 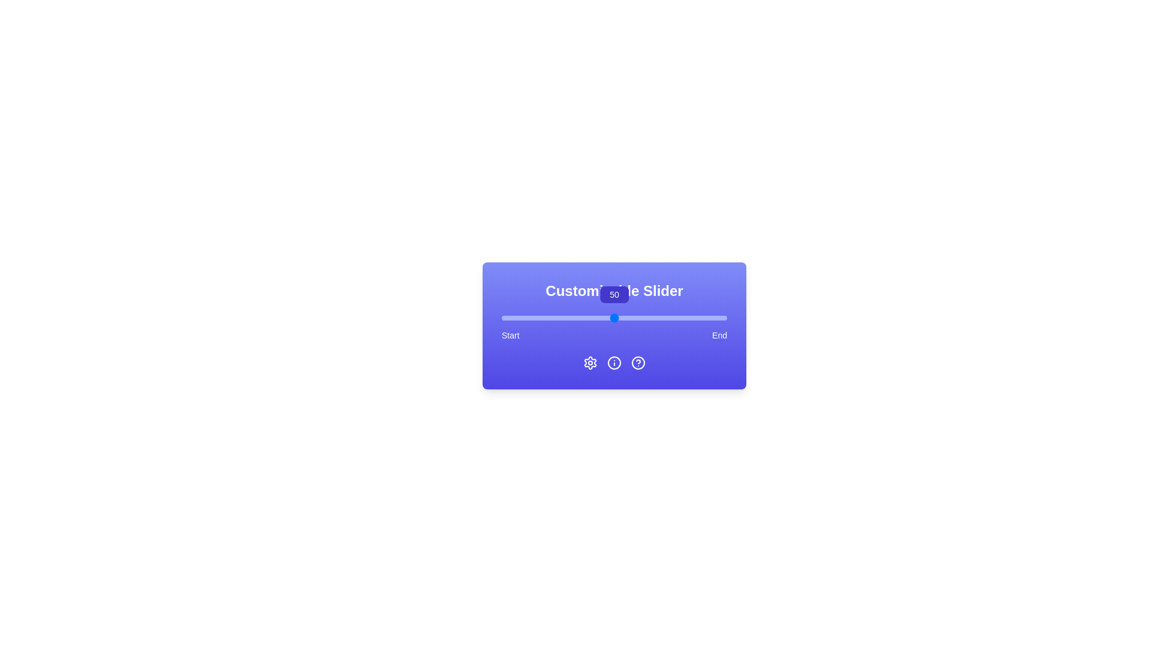 I want to click on the HelpCircle icon at the bottom right, so click(x=638, y=362).